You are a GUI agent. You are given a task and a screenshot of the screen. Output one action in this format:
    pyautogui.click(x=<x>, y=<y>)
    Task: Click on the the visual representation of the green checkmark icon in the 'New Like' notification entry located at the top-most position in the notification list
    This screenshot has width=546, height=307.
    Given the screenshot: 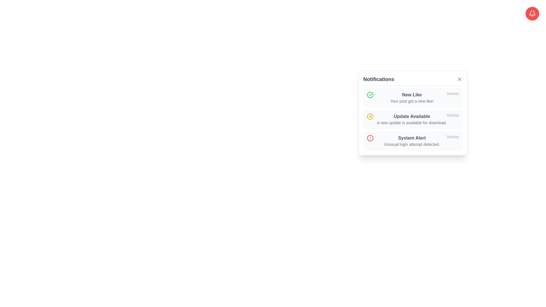 What is the action you would take?
    pyautogui.click(x=370, y=95)
    